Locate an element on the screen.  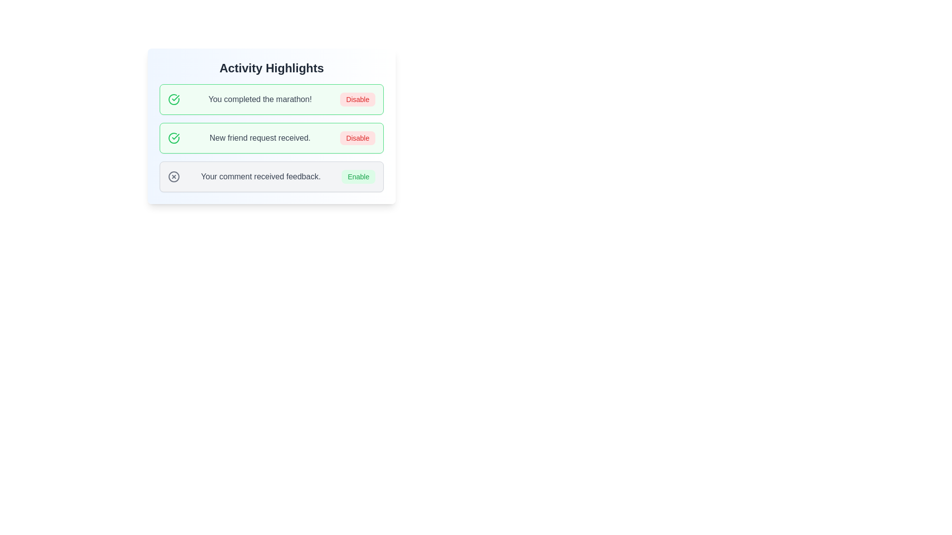
the leftmost icon in the second notification card to initiate possible interactions is located at coordinates (174, 138).